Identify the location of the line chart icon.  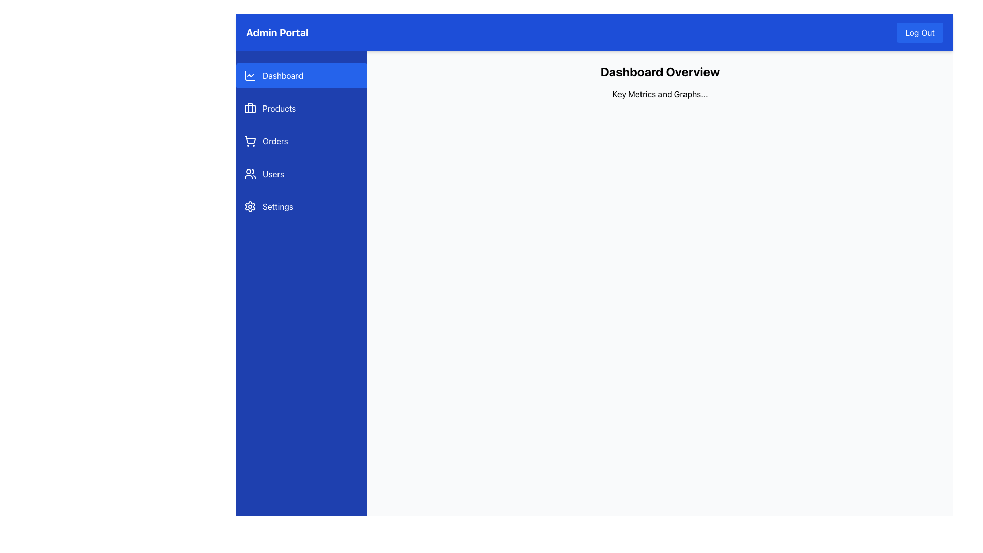
(250, 75).